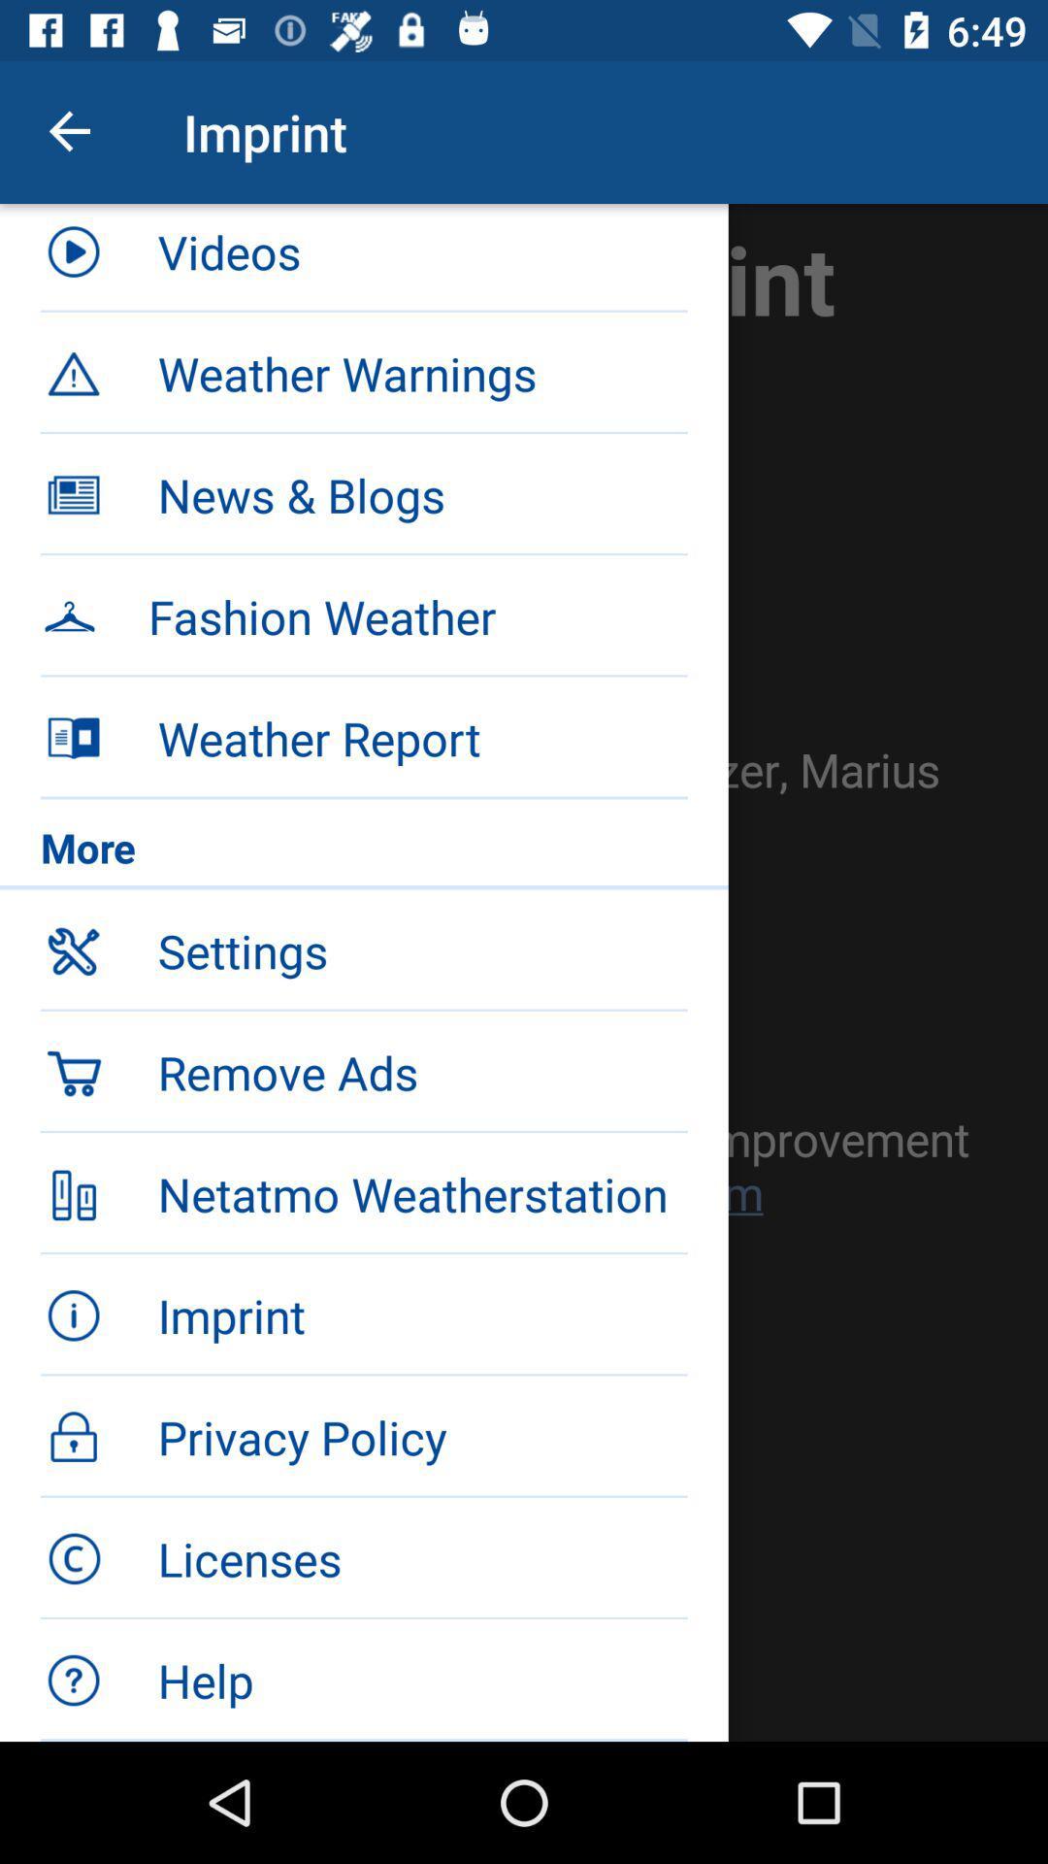  I want to click on the icon below the news & blogs item, so click(416, 616).